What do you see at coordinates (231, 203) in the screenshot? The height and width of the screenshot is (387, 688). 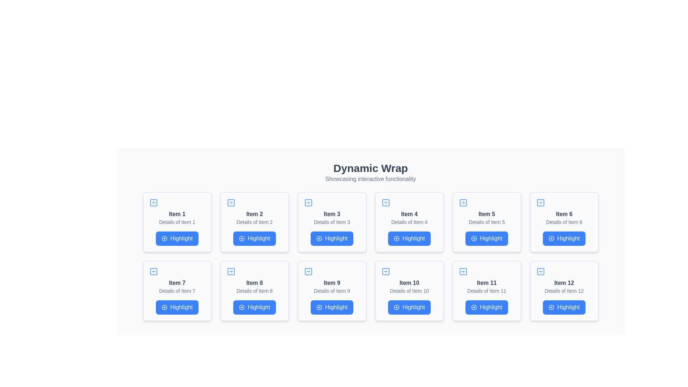 I see `the icon representing 'Item 2', located at the top-left of the card in the first row of the grid layout` at bounding box center [231, 203].